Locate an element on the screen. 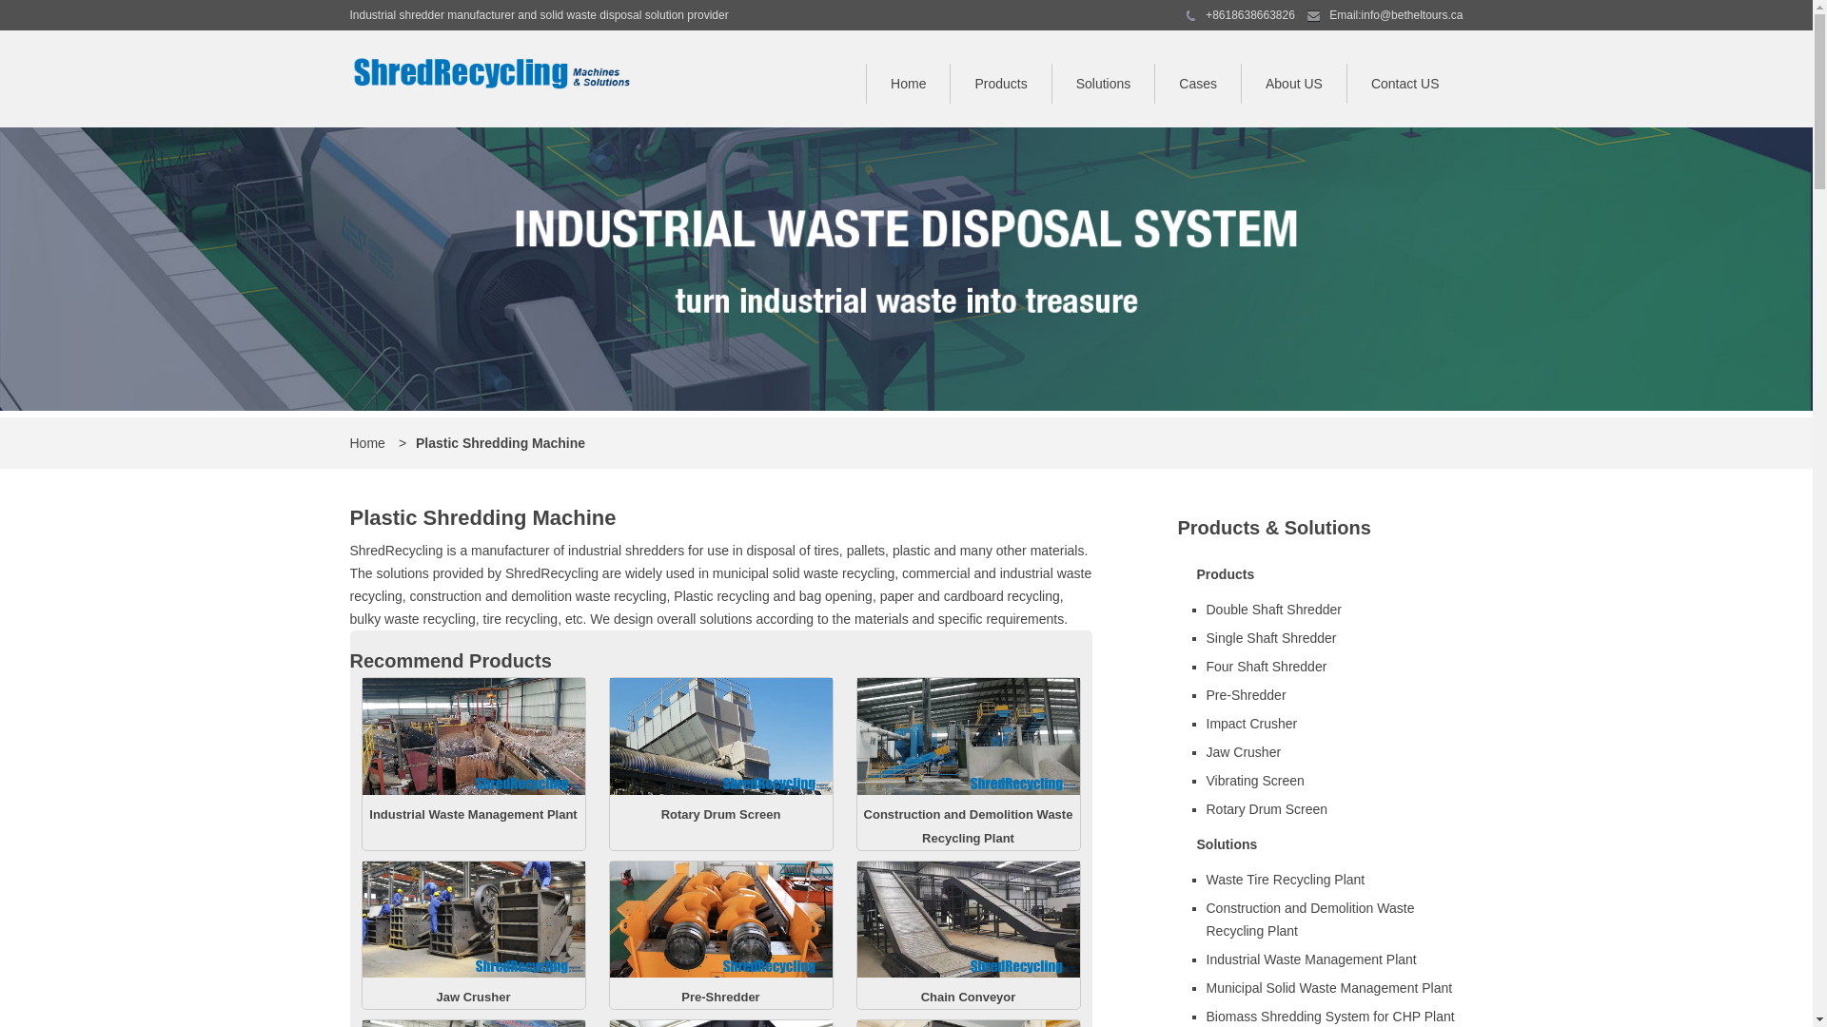 Image resolution: width=1827 pixels, height=1027 pixels. 'Jaw Crusher' is located at coordinates (473, 996).